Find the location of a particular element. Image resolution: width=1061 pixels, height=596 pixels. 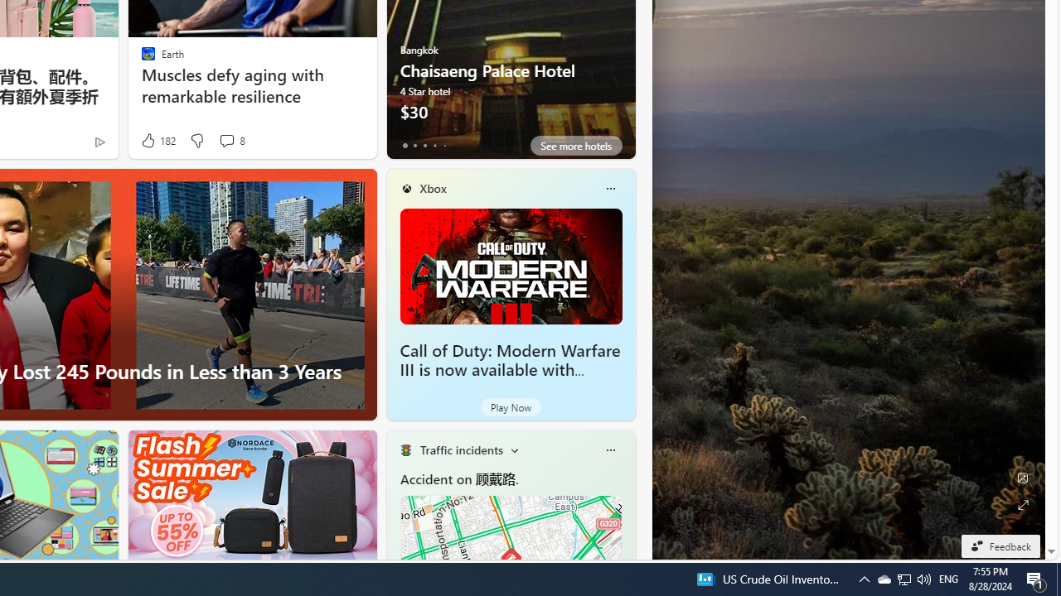

'tab-4' is located at coordinates (444, 145).